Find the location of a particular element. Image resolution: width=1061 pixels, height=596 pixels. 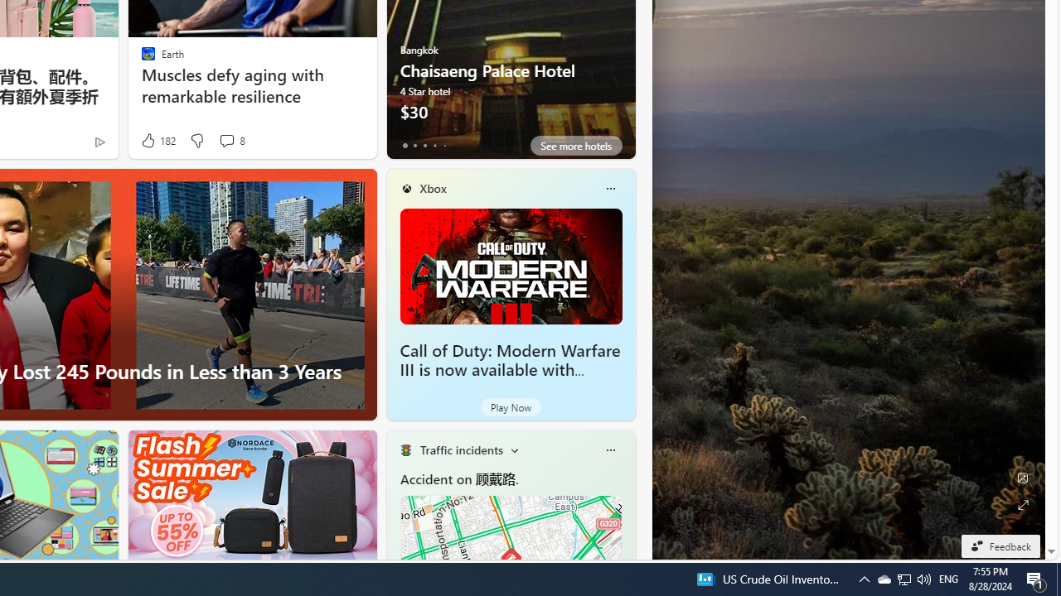

'tab-4' is located at coordinates (444, 145).